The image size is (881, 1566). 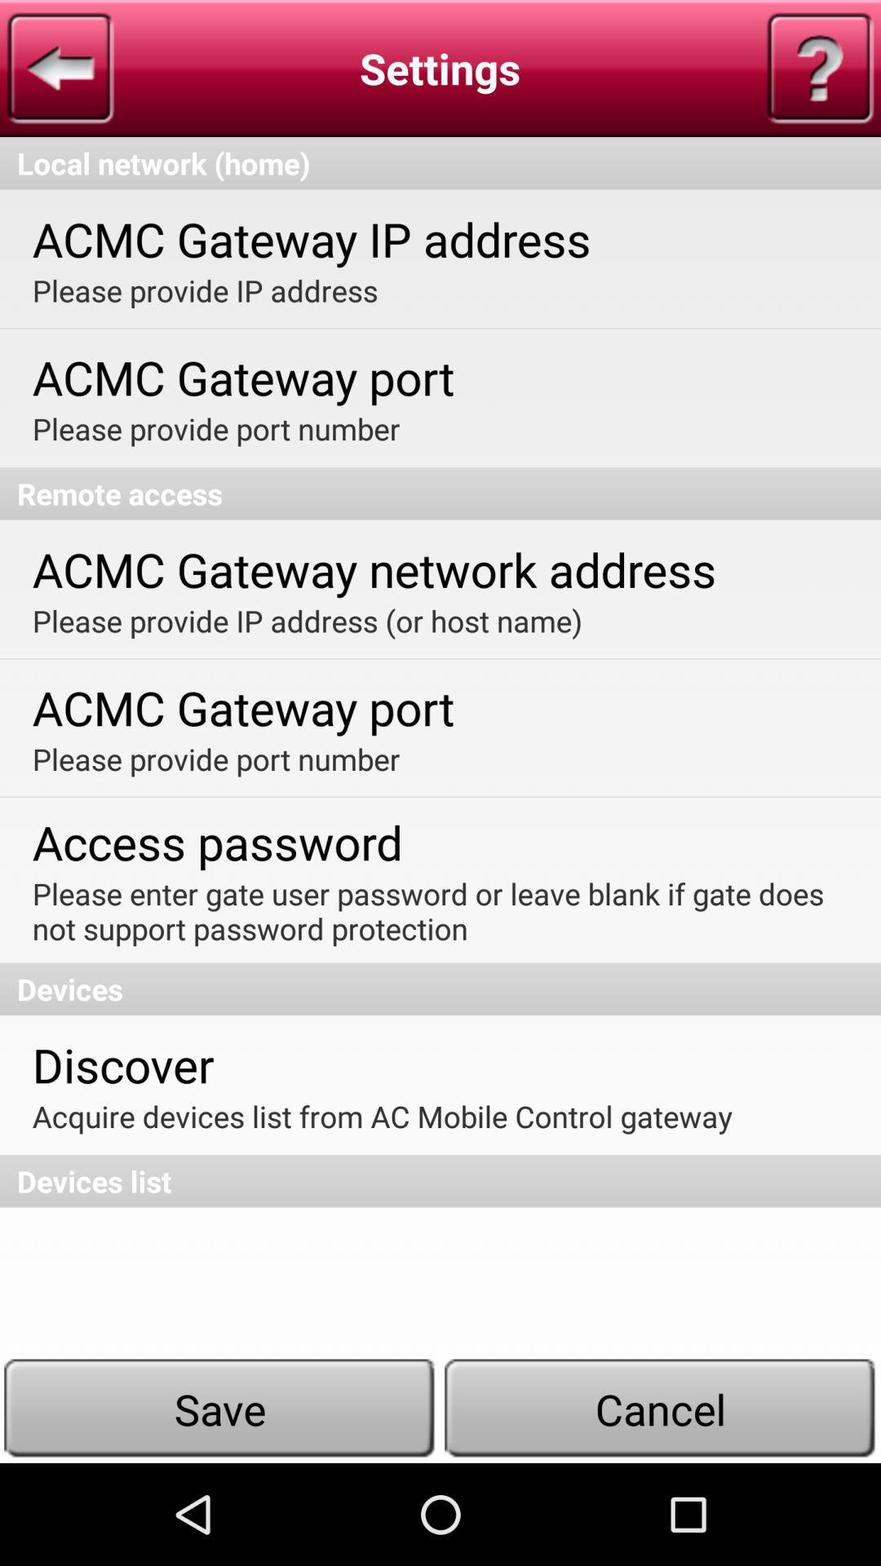 What do you see at coordinates (821, 67) in the screenshot?
I see `the icon on the top right corner of the web page` at bounding box center [821, 67].